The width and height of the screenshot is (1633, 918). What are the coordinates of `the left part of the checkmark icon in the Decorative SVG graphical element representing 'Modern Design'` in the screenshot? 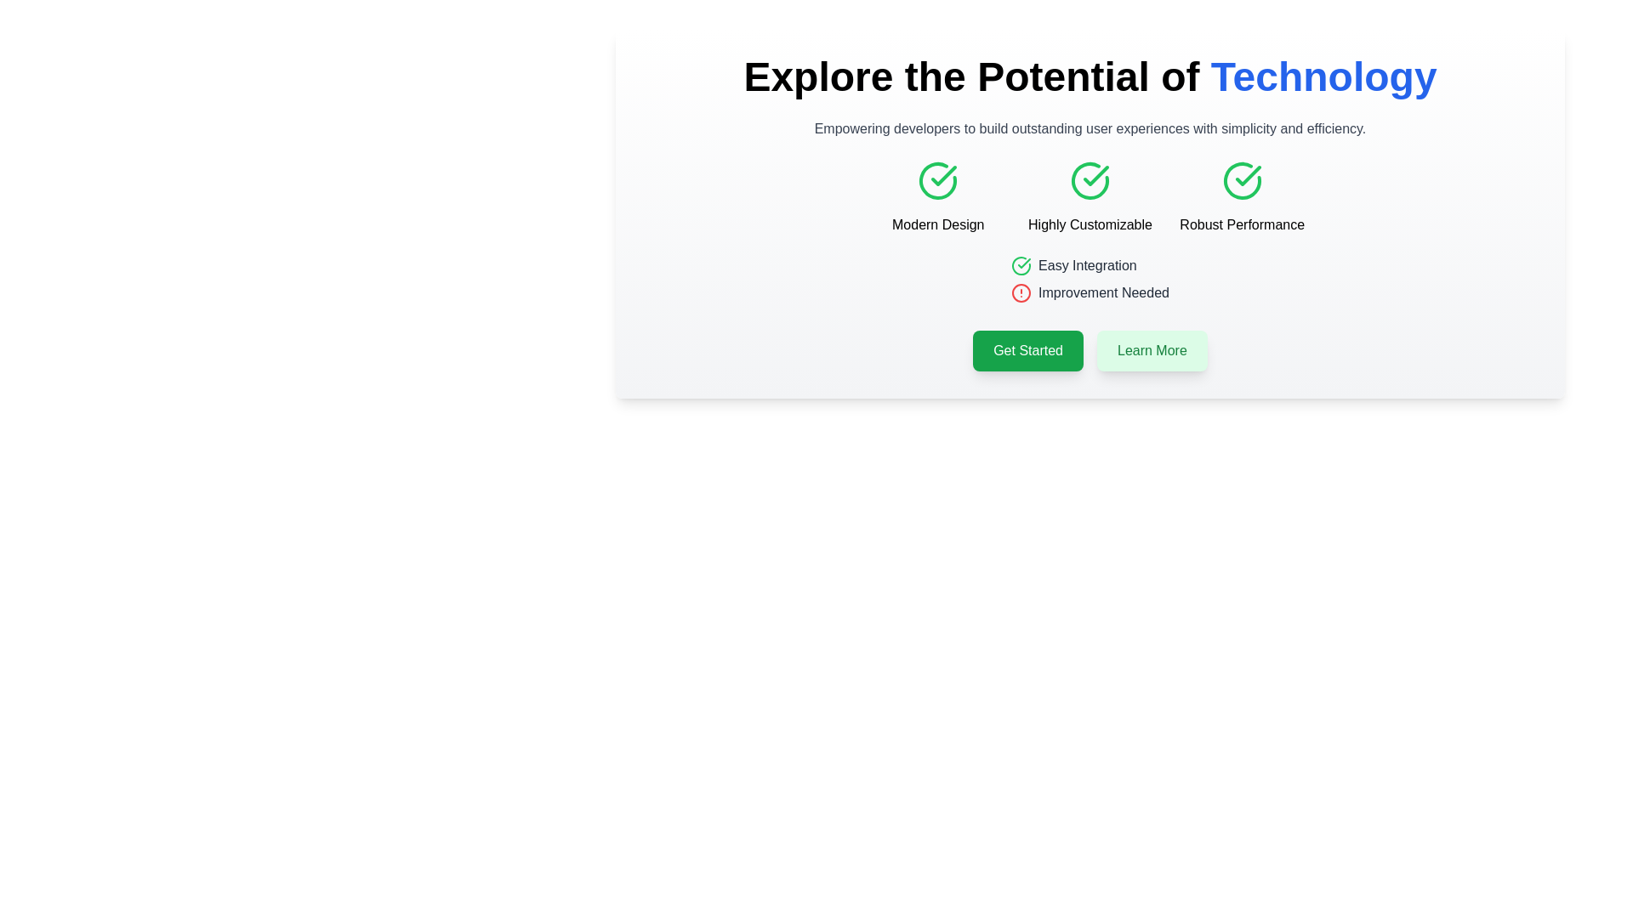 It's located at (937, 180).